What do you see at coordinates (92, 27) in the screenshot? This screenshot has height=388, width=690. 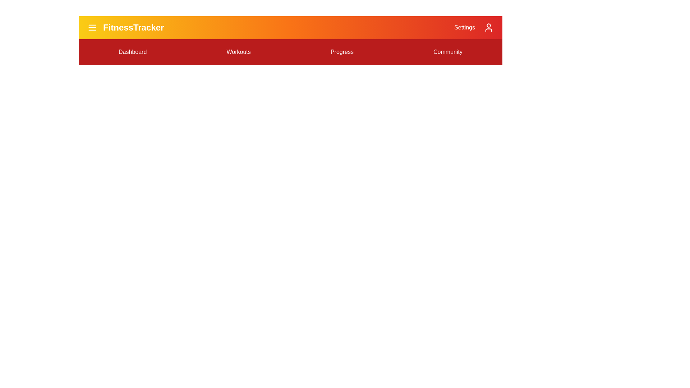 I see `the menu icon to toggle the menu visibility` at bounding box center [92, 27].